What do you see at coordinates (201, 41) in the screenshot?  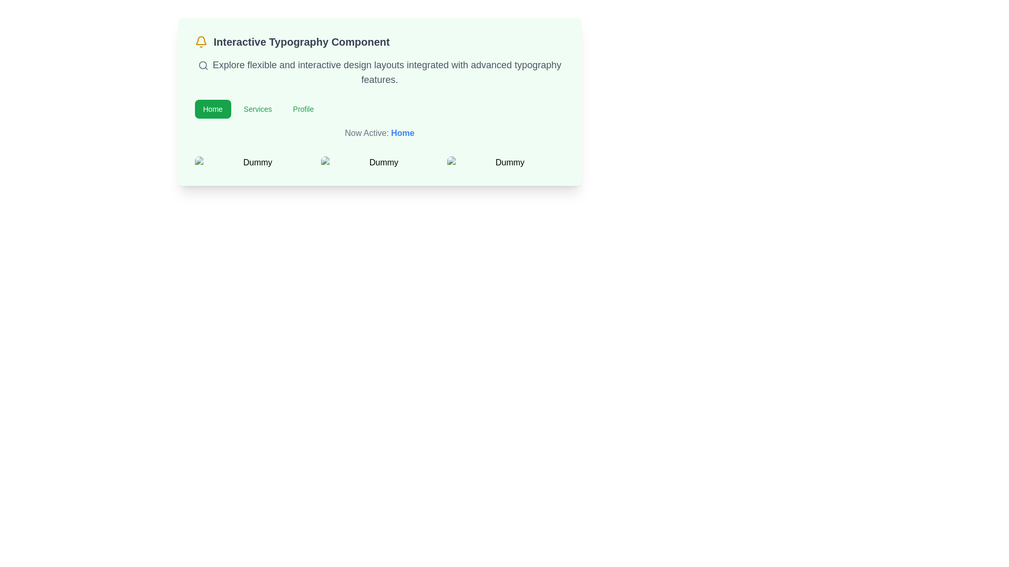 I see `the yellow bell icon, which is a circular, outlined bell shape with a decorative line beneath it, located at the far left of the 'Interactive Typography Component'` at bounding box center [201, 41].